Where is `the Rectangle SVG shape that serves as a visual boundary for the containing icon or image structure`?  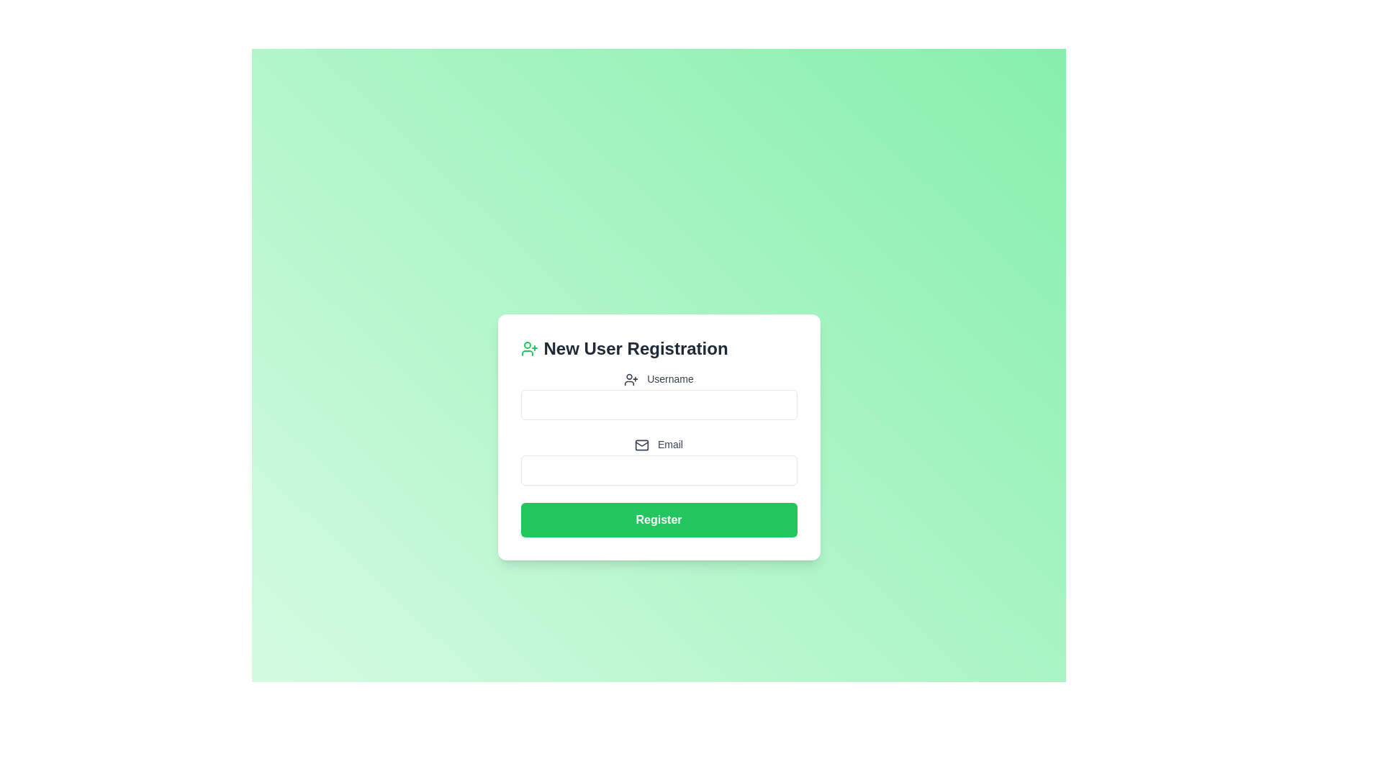
the Rectangle SVG shape that serves as a visual boundary for the containing icon or image structure is located at coordinates (641, 445).